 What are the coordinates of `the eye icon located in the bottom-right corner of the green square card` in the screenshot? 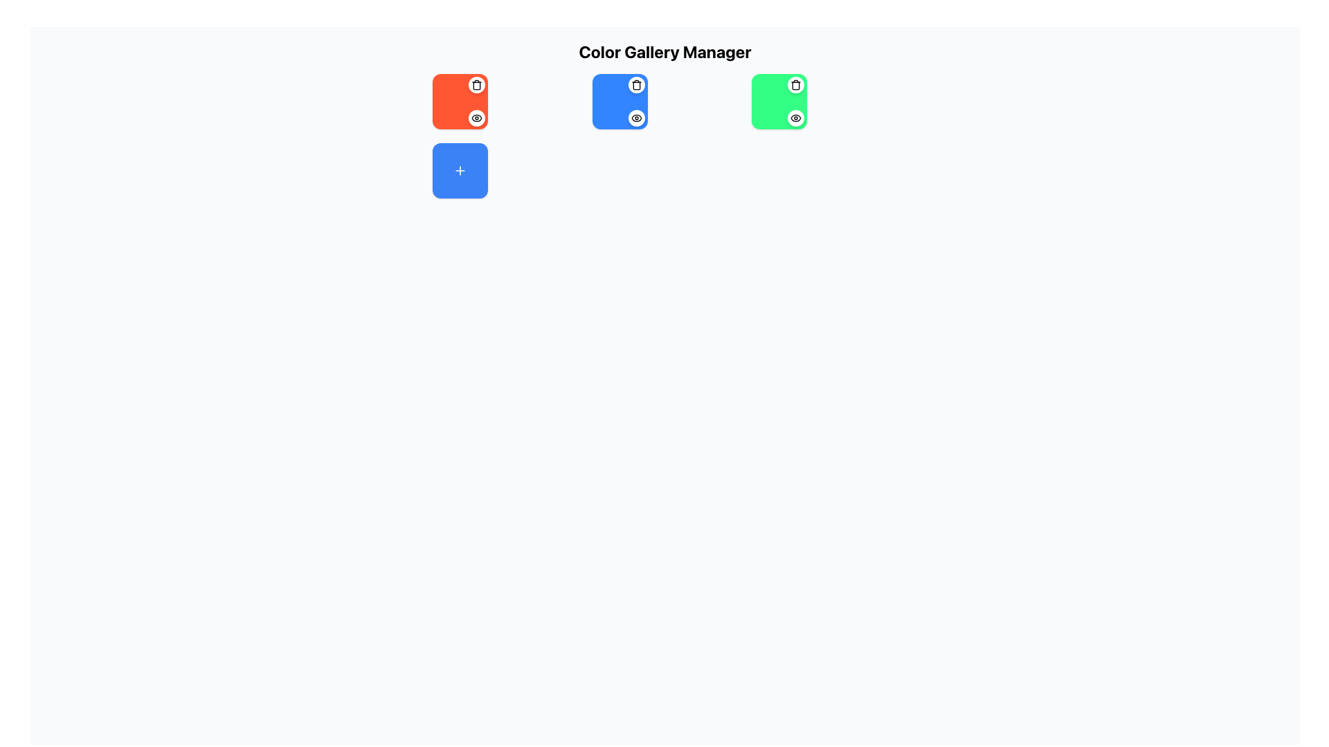 It's located at (796, 117).